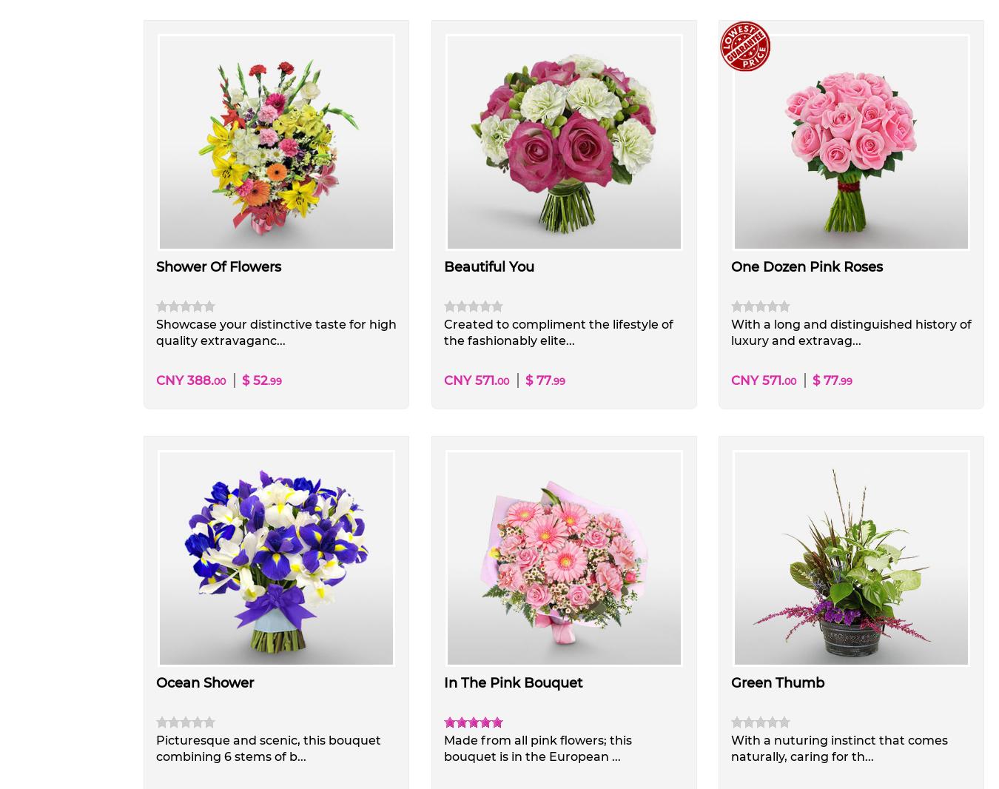 The width and height of the screenshot is (999, 789). Describe the element at coordinates (556, 332) in the screenshot. I see `'Created to compliment the lifestyle of the fashionably elite...'` at that location.